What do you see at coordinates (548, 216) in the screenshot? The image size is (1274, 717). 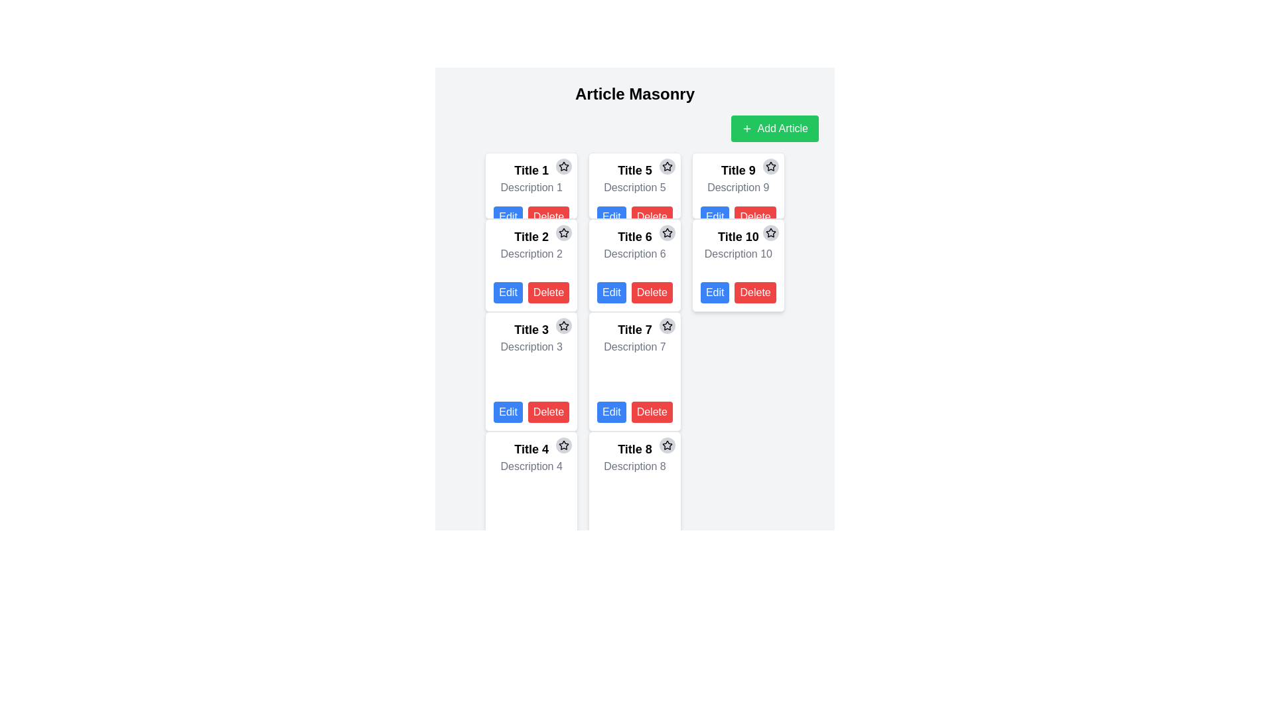 I see `the red 'Delete' button with white text, located at the bottom right of the card labeled 'Title 1', to invoke its delete function` at bounding box center [548, 216].